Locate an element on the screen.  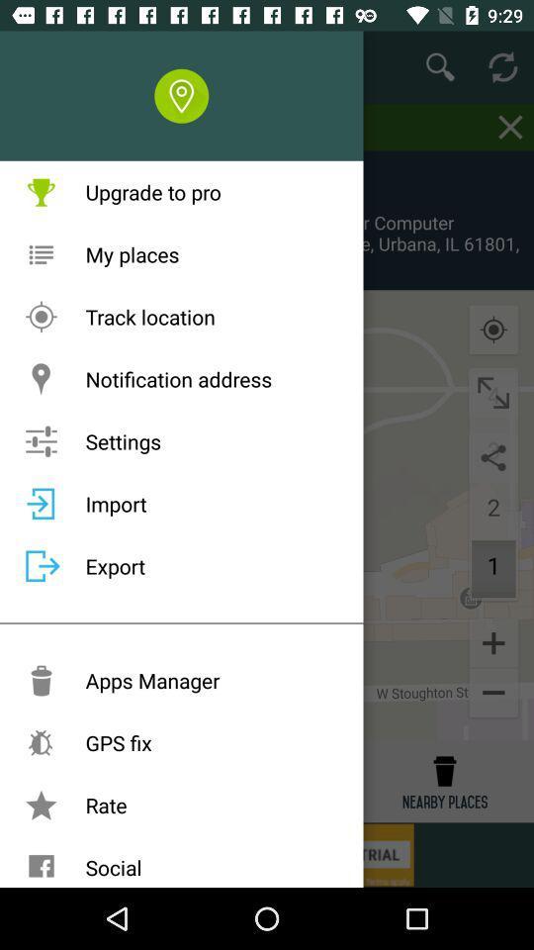
the close icon is located at coordinates (510, 126).